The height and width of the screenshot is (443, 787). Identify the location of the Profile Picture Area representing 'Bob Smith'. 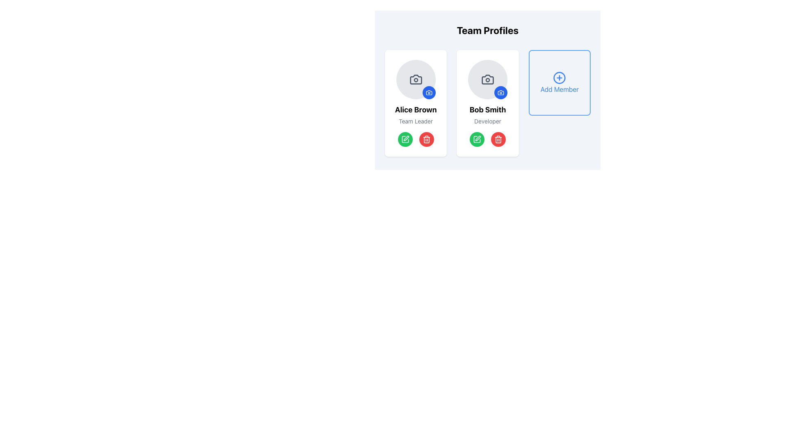
(488, 79).